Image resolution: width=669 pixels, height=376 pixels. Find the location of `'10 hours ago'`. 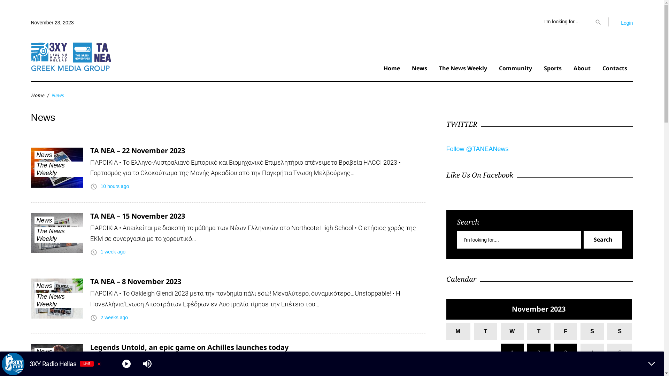

'10 hours ago' is located at coordinates (115, 186).